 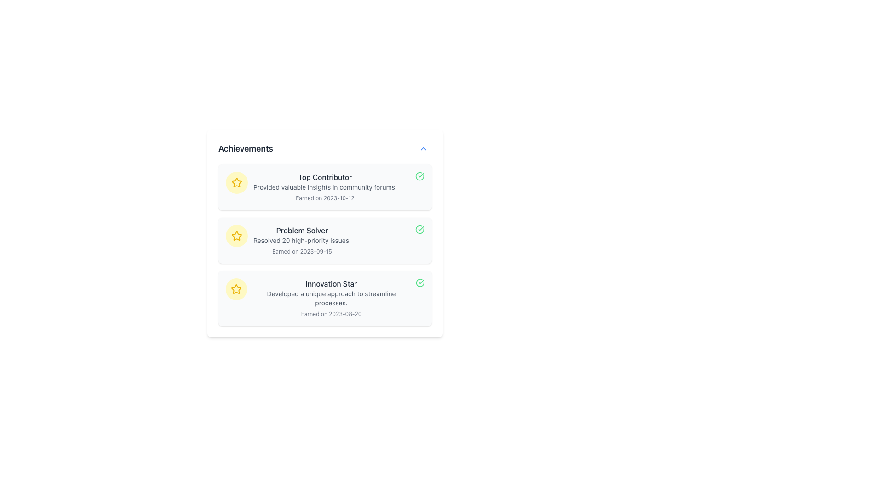 What do you see at coordinates (302, 240) in the screenshot?
I see `displayed information in the 'Problem Solver' achievement text block, which is the middle card in a vertical list of achievement cards` at bounding box center [302, 240].